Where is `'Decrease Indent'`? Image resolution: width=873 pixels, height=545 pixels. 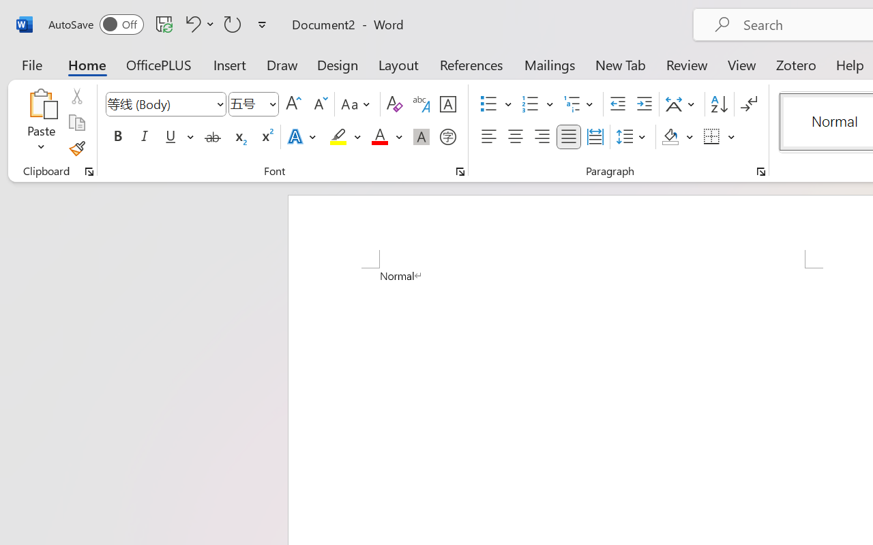
'Decrease Indent' is located at coordinates (617, 104).